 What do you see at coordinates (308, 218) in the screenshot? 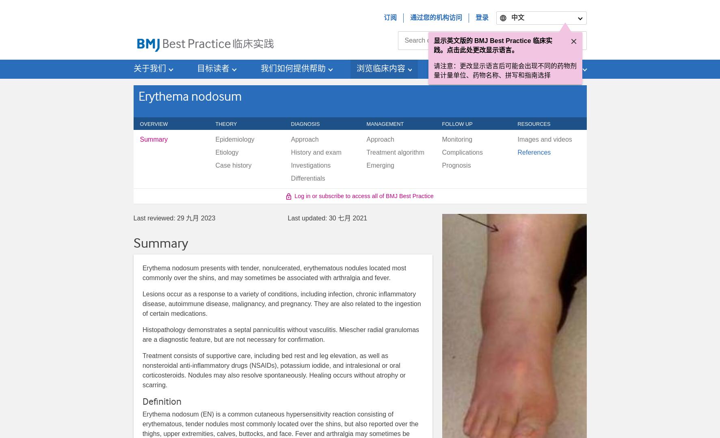
I see `'Last updated:'` at bounding box center [308, 218].